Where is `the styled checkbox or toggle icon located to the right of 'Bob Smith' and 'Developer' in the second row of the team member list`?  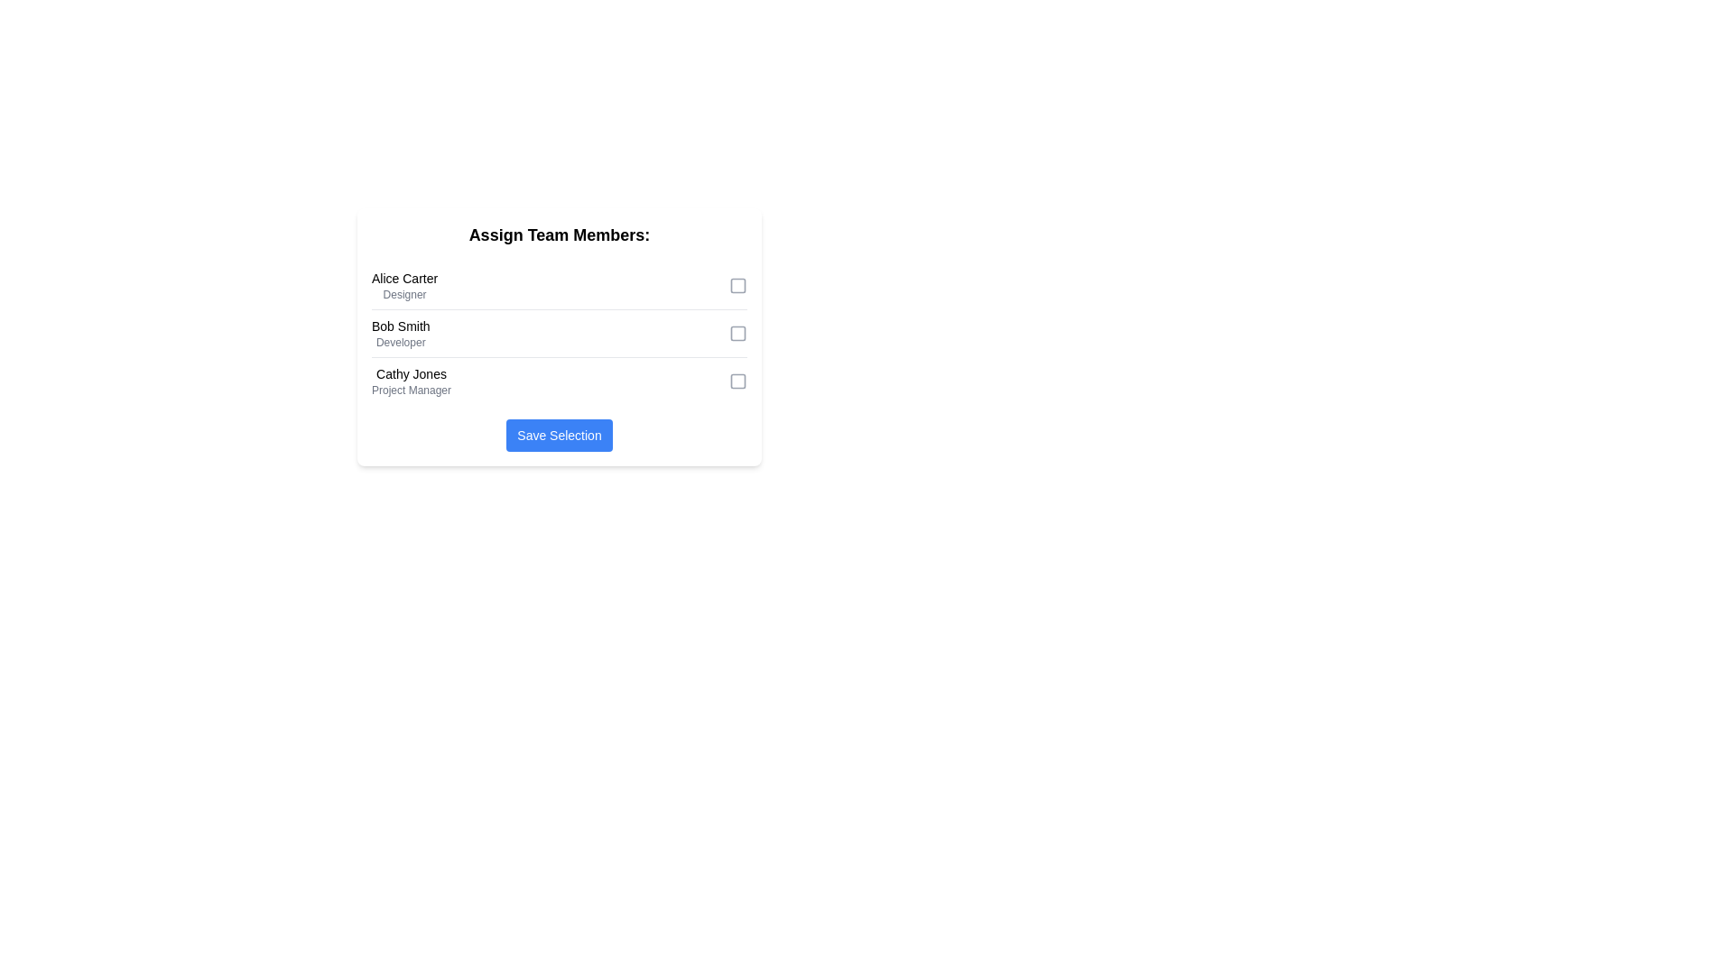 the styled checkbox or toggle icon located to the right of 'Bob Smith' and 'Developer' in the second row of the team member list is located at coordinates (737, 334).